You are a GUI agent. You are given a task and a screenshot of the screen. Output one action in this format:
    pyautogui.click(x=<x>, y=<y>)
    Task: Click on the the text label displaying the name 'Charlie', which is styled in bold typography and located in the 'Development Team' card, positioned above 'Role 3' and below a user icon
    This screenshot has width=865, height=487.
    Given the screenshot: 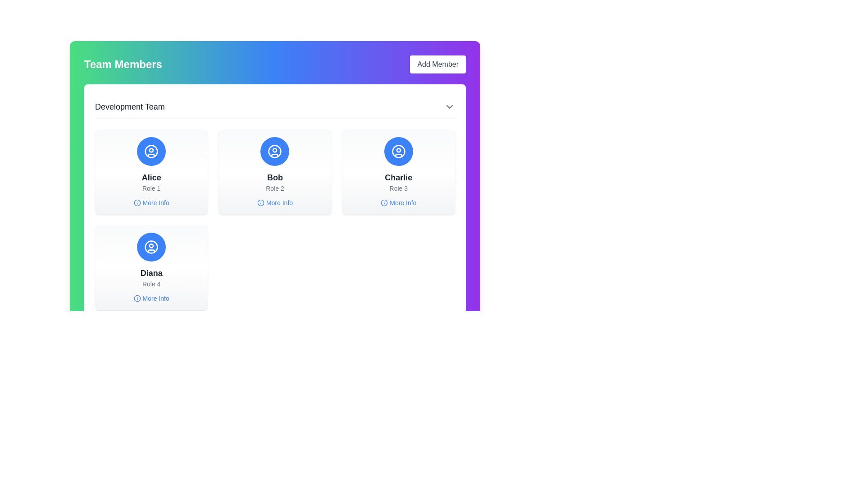 What is the action you would take?
    pyautogui.click(x=398, y=177)
    